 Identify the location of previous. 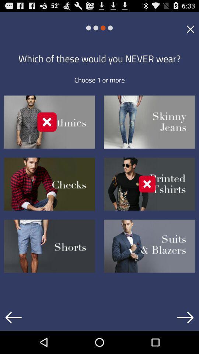
(13, 317).